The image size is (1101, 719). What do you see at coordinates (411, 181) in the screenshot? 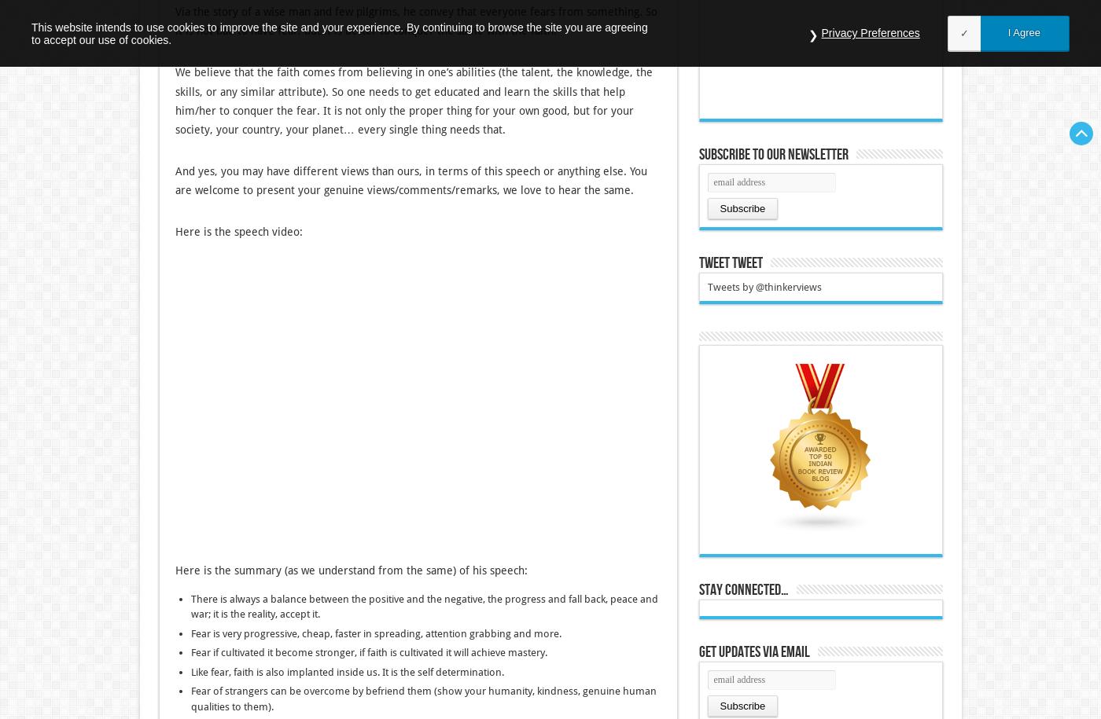
I see `'And yes, you may have different views than ours, in terms of this speech or anything else. You are welcome to present your genuine views/comments/remarks, we love to hear the same.'` at bounding box center [411, 181].